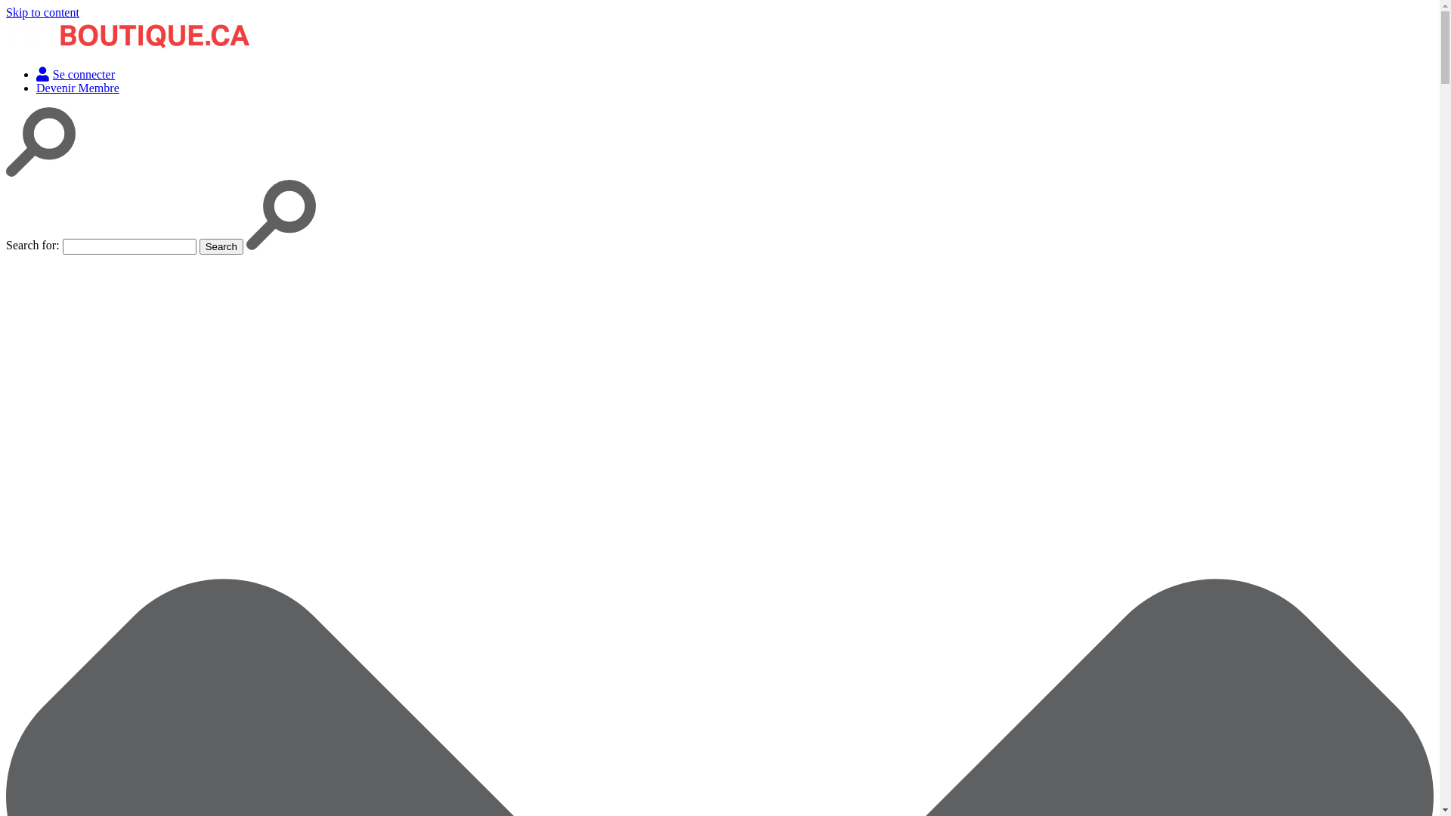 This screenshot has width=1451, height=816. I want to click on 'Search', so click(199, 246).